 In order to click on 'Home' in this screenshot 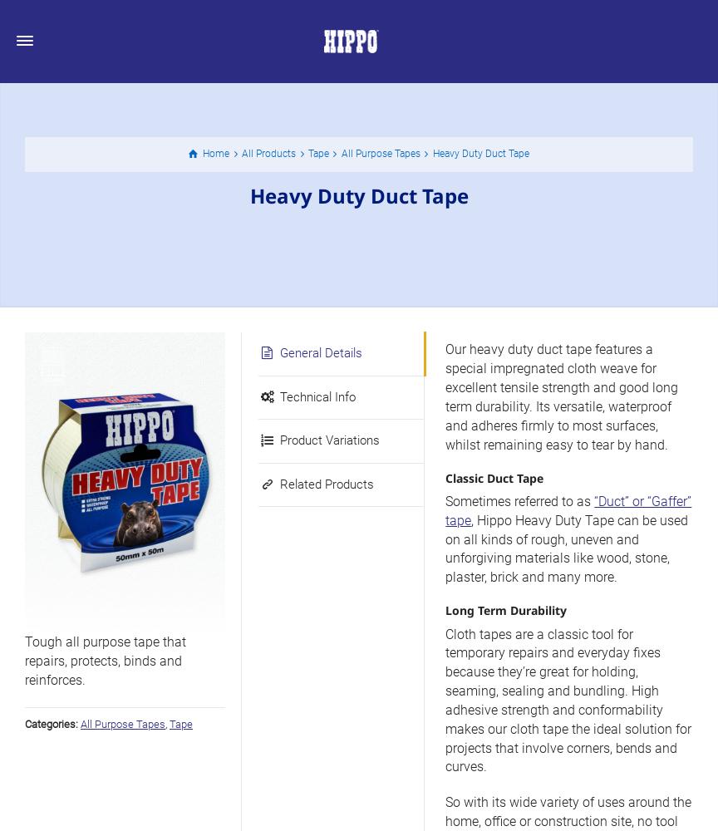, I will do `click(215, 154)`.